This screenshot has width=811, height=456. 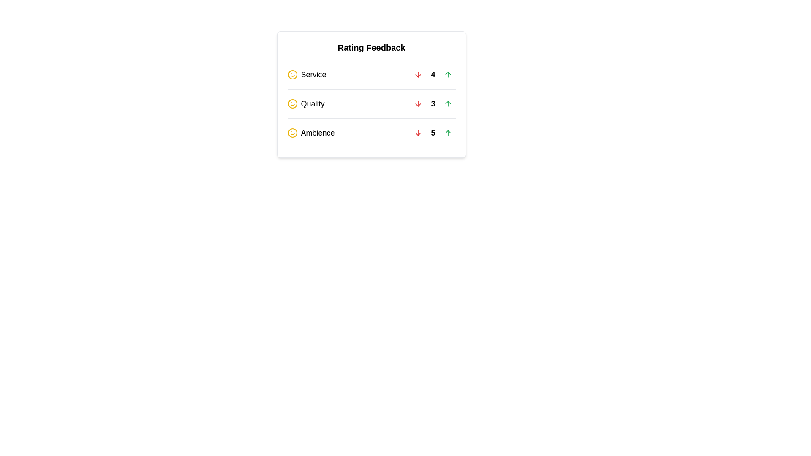 What do you see at coordinates (433, 74) in the screenshot?
I see `the text label displaying the numerical value '4' in the Service category, located between the red down arrow and the green up arrow` at bounding box center [433, 74].